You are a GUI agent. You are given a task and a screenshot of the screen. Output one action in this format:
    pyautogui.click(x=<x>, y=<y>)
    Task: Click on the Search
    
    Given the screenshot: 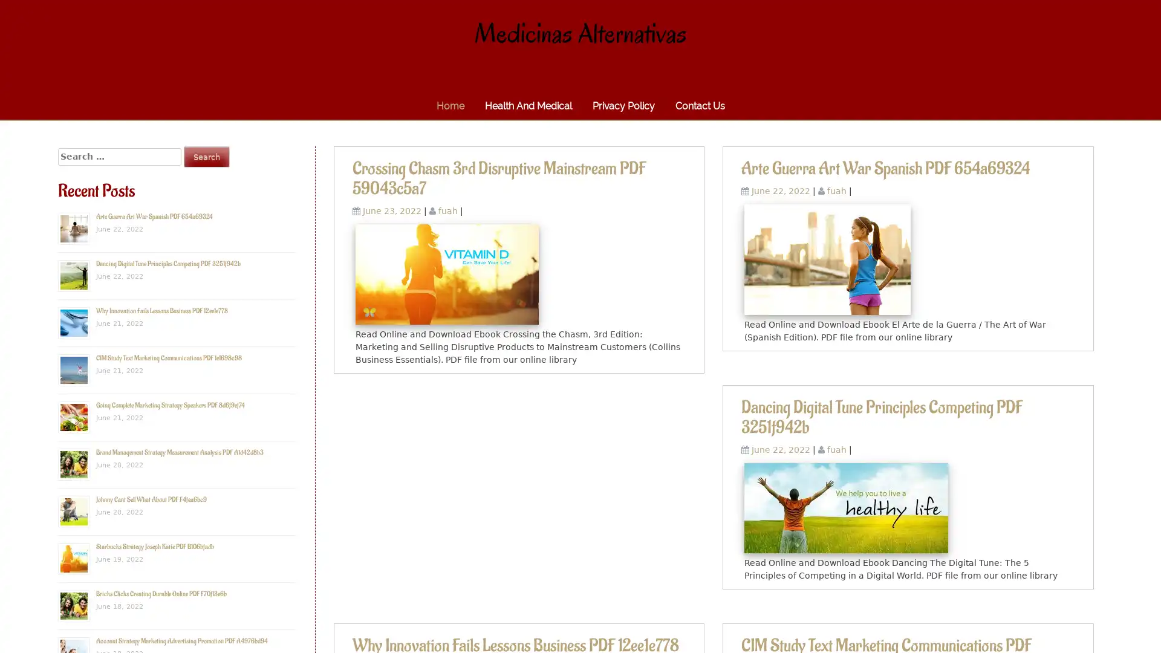 What is the action you would take?
    pyautogui.click(x=206, y=156)
    